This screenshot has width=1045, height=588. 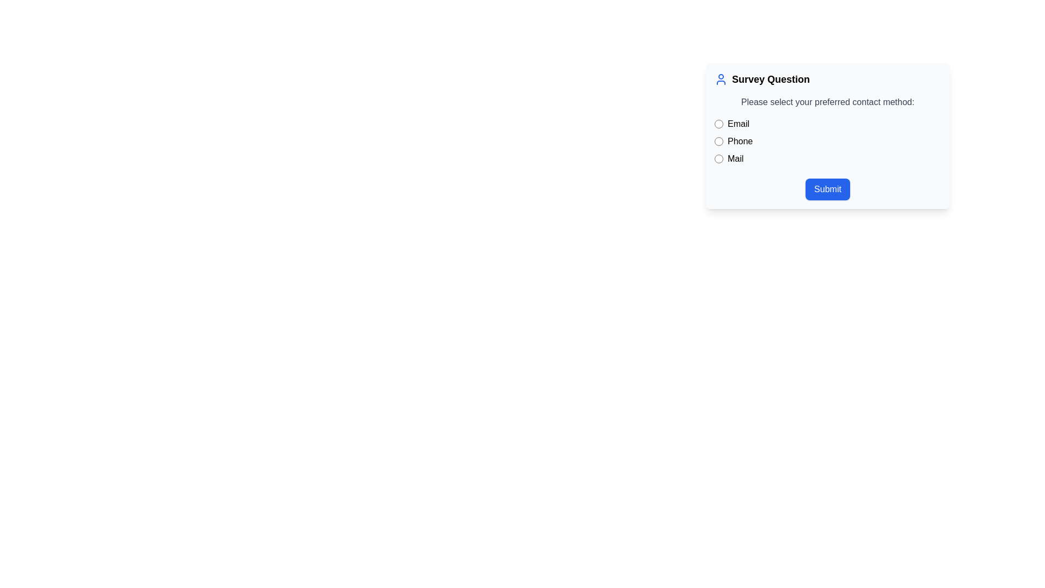 What do you see at coordinates (718, 140) in the screenshot?
I see `the blue-themed circular radio button next to the label 'Phone'` at bounding box center [718, 140].